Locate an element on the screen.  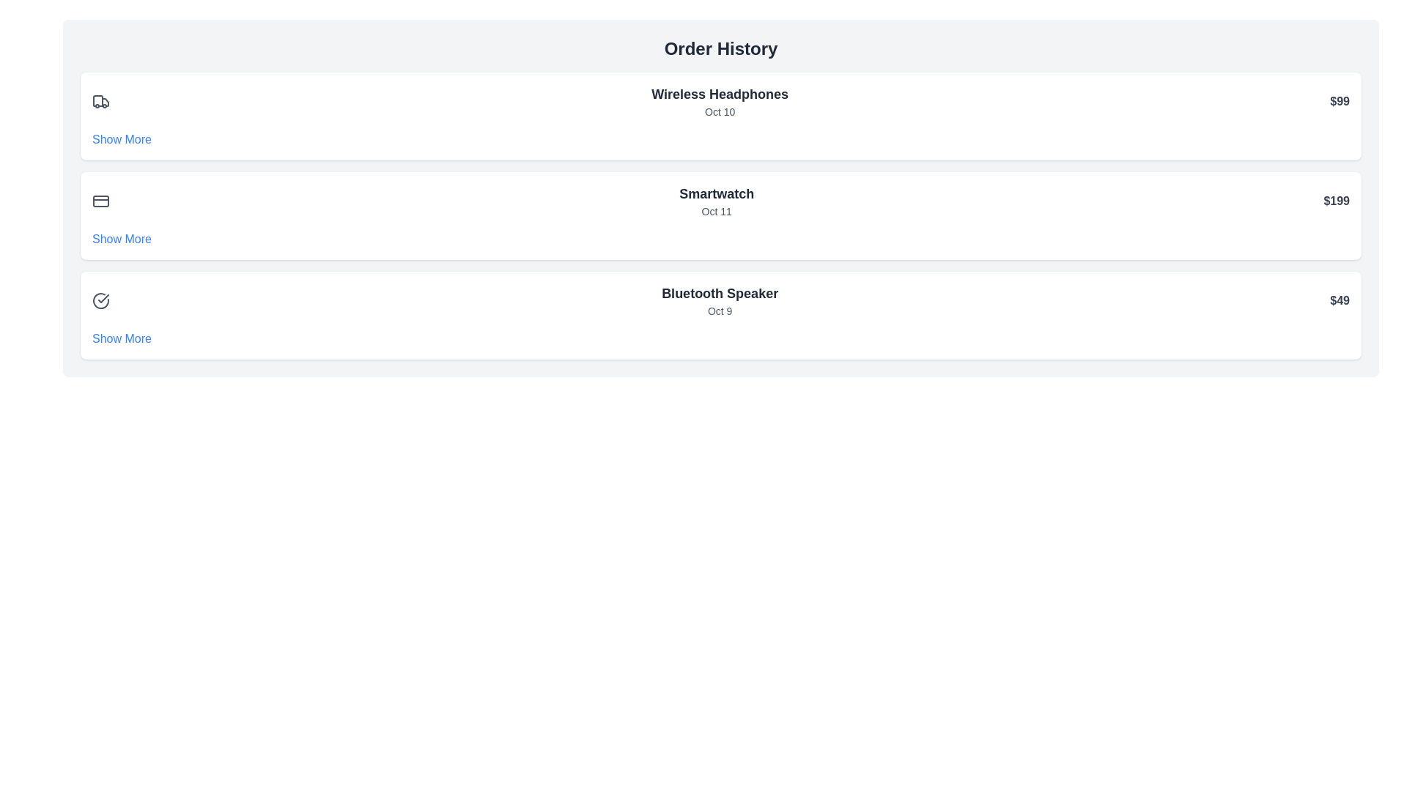
information displayed in the text block that includes 'Wireless Headphones' and 'Oct 10', positioned under 'Order History' is located at coordinates (720, 100).